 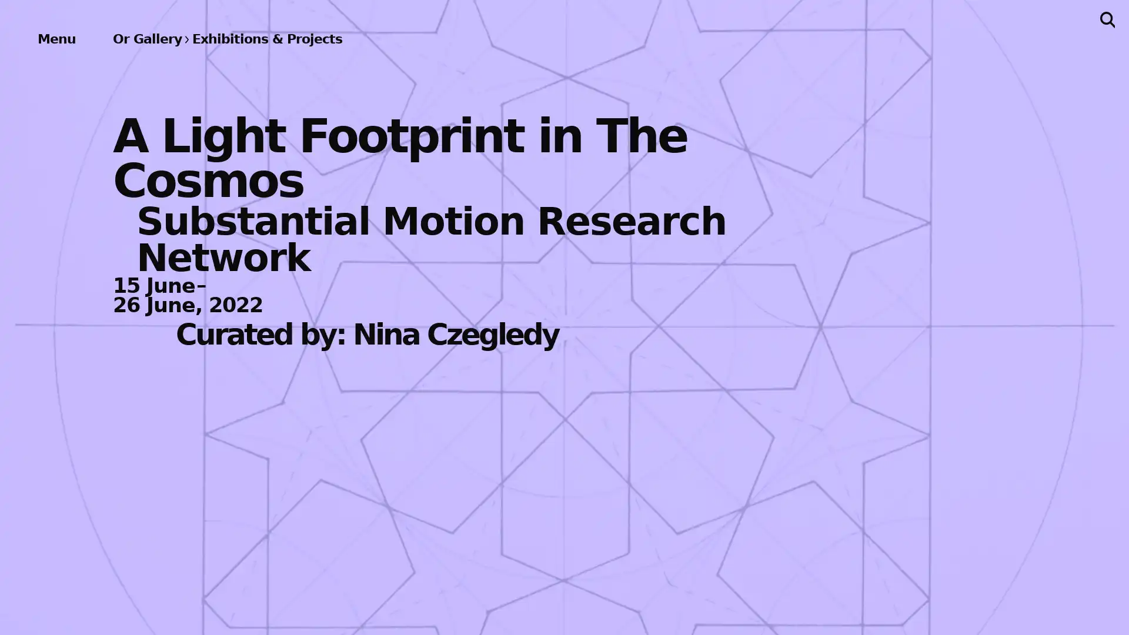 What do you see at coordinates (255, 332) in the screenshot?
I see `Bookstore` at bounding box center [255, 332].